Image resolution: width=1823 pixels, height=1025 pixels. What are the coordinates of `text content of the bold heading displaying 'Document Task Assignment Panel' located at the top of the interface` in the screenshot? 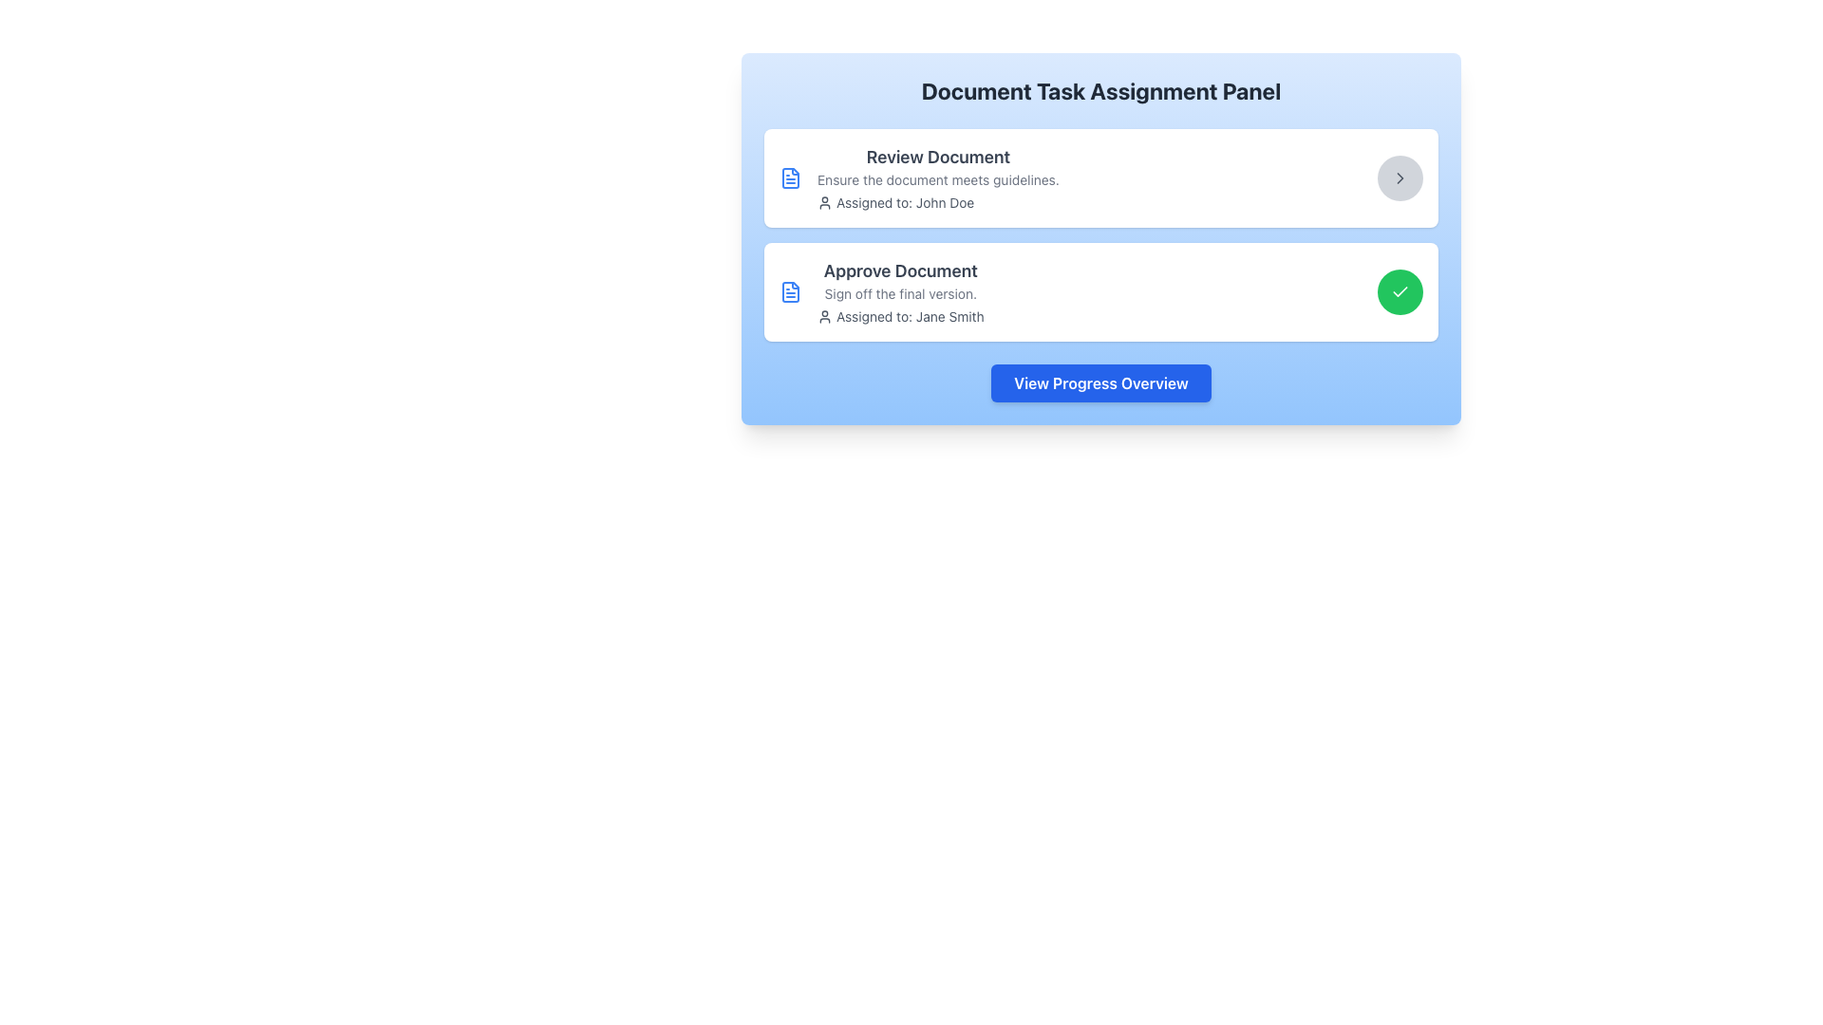 It's located at (1101, 91).